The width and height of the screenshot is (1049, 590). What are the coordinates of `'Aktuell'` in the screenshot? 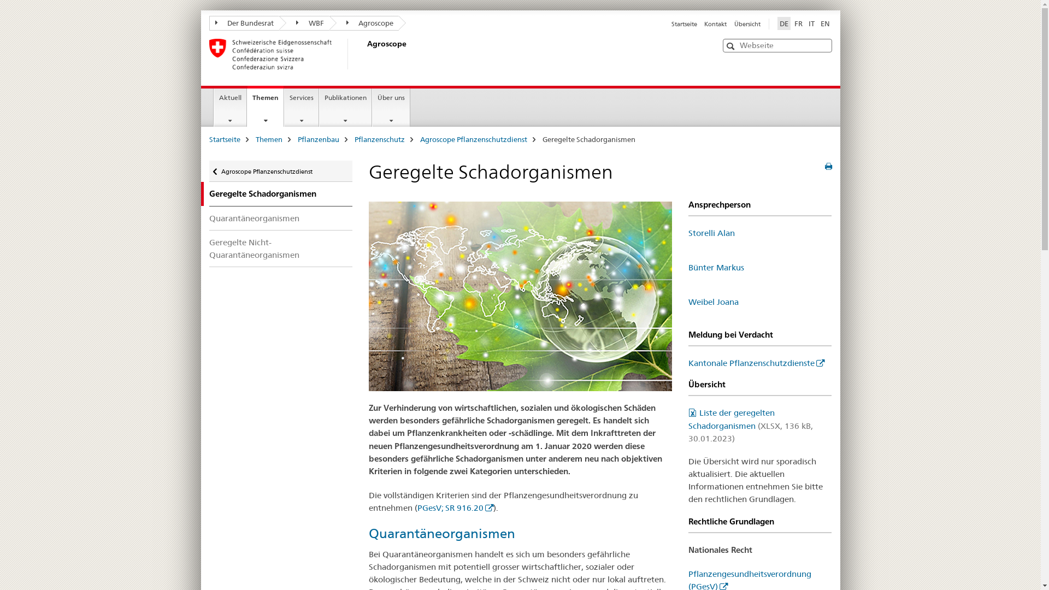 It's located at (229, 107).